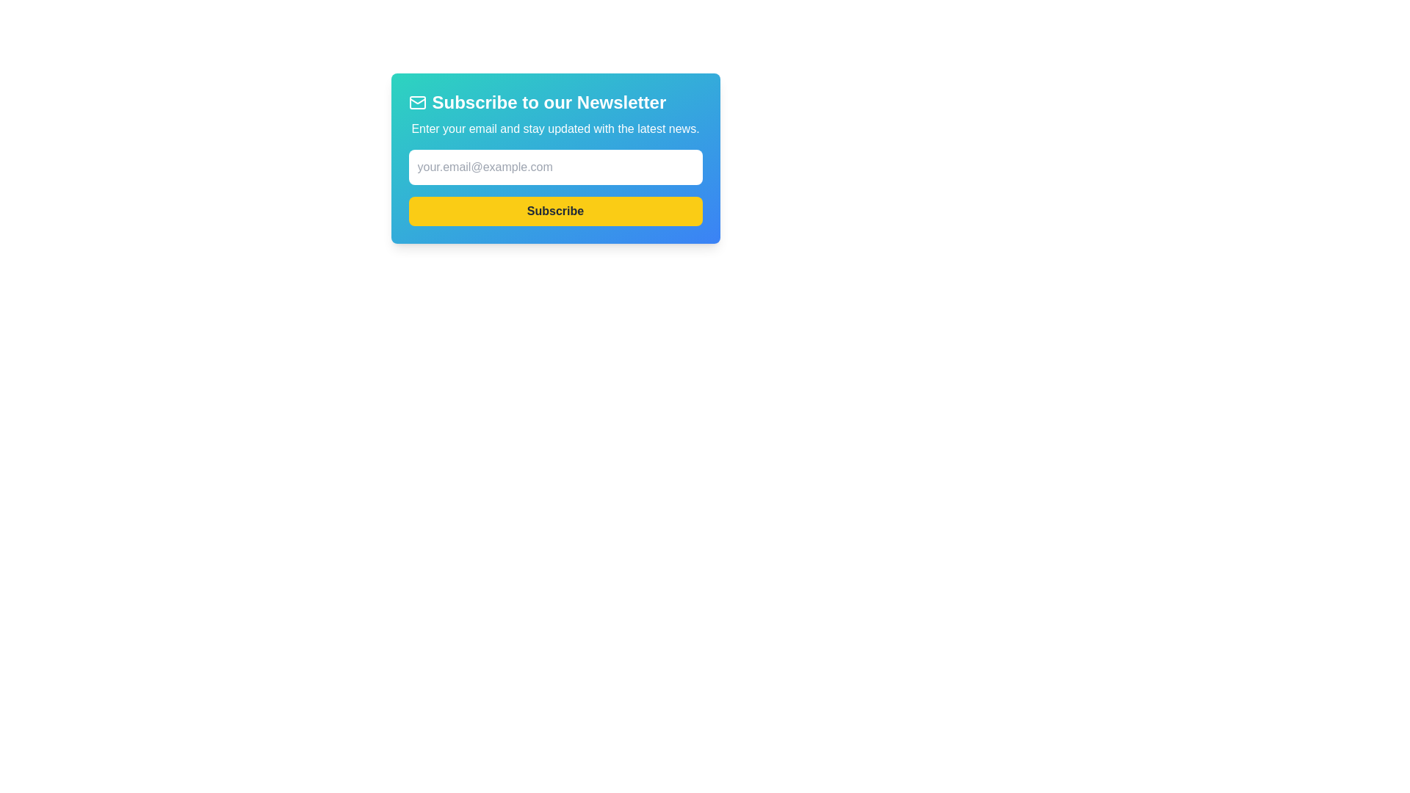 The width and height of the screenshot is (1410, 793). What do you see at coordinates (416, 101) in the screenshot?
I see `the email/newsletter icon located at the start of the 'Subscribe to our Newsletter' banner, which visually represents the concept of subscribing to a newsletter` at bounding box center [416, 101].